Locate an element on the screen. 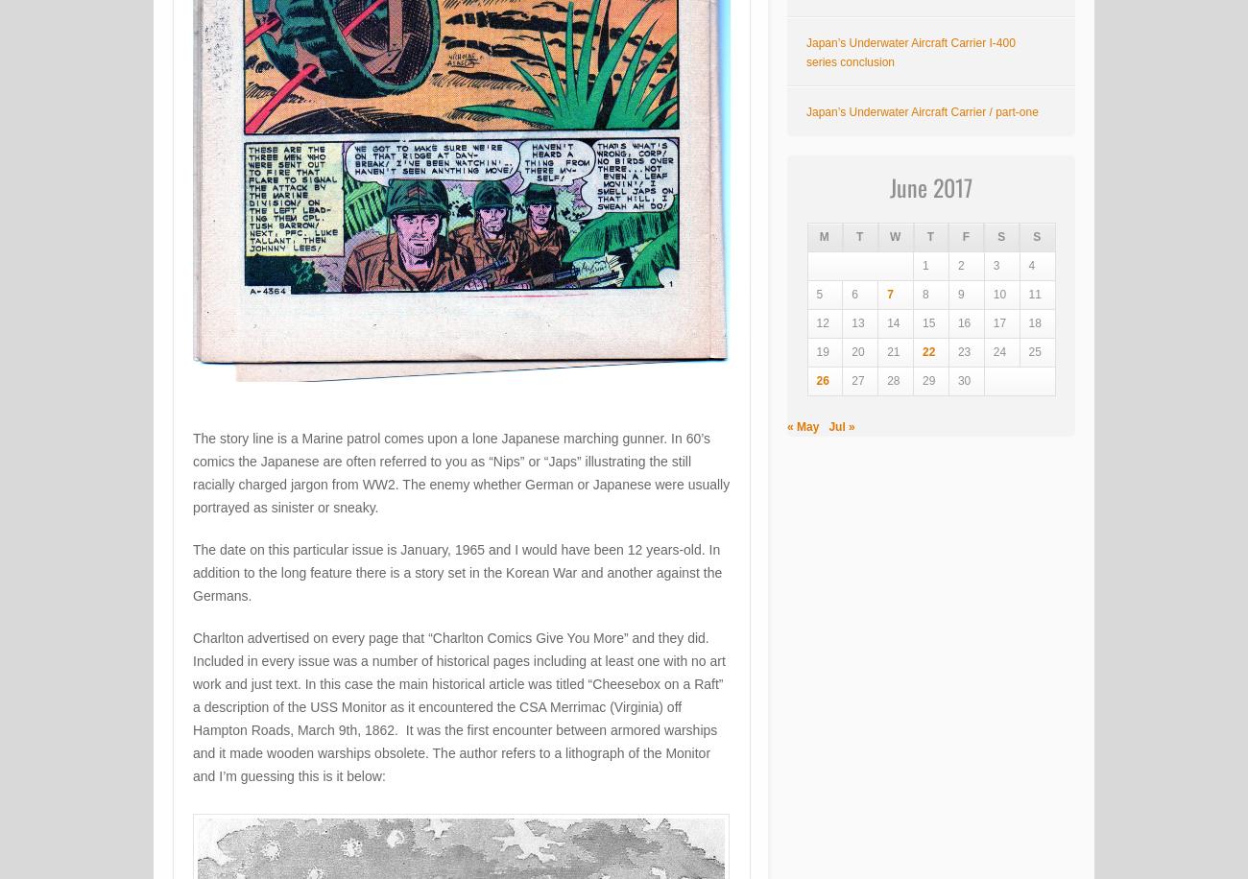  '28' is located at coordinates (893, 380).